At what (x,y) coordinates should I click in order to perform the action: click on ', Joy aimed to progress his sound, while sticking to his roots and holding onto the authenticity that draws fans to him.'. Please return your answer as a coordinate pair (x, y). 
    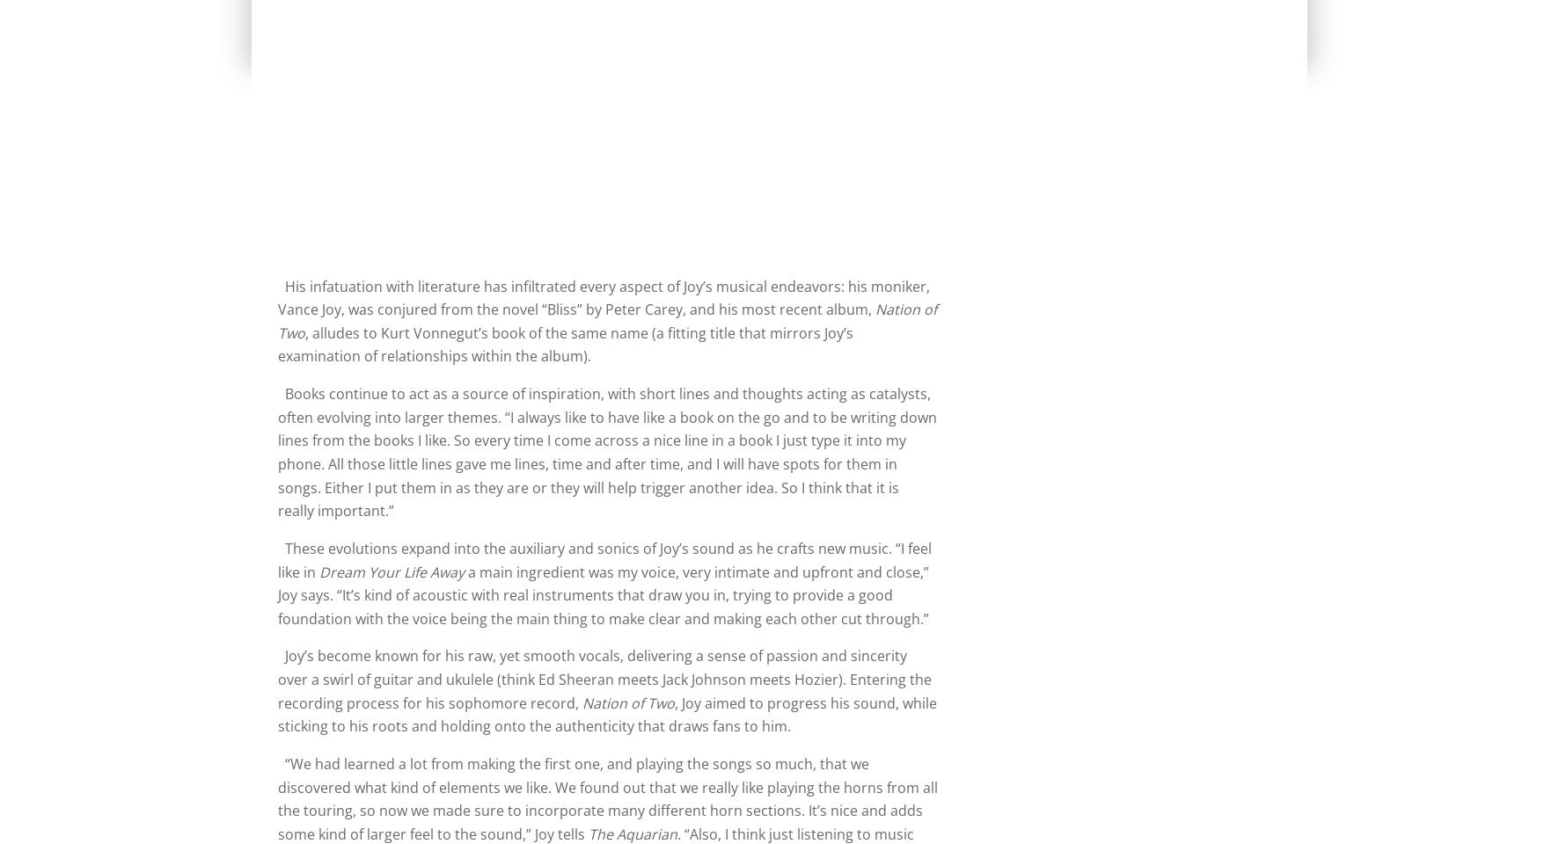
    Looking at the image, I should click on (606, 714).